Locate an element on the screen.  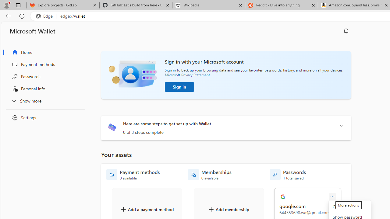
'Personal info' is located at coordinates (44, 89).